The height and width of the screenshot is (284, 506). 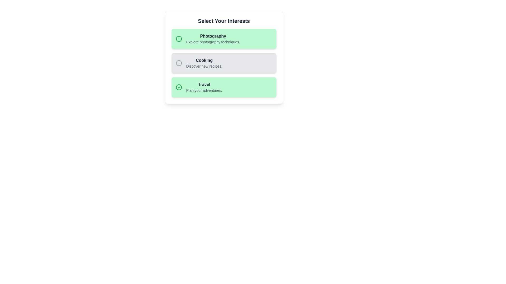 I want to click on the header 'Select Your Interests' to trigger additional context, so click(x=224, y=21).